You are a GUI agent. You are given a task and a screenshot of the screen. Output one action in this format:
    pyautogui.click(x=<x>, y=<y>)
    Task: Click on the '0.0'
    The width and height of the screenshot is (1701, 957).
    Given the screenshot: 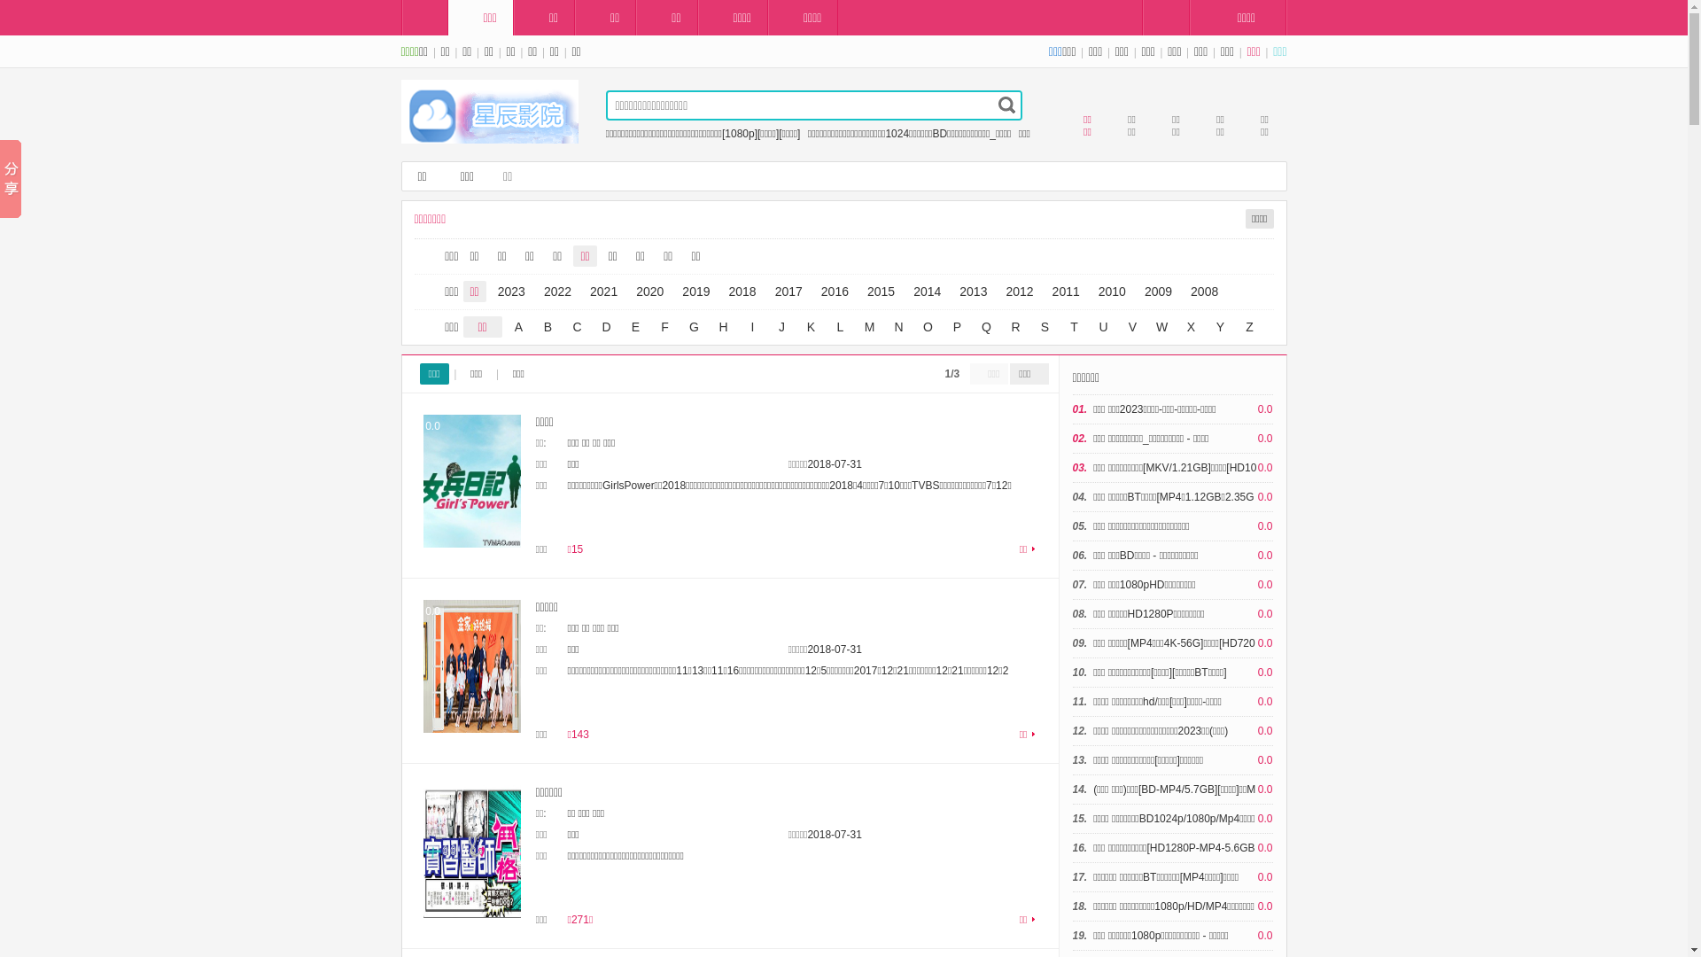 What is the action you would take?
    pyautogui.click(x=471, y=850)
    